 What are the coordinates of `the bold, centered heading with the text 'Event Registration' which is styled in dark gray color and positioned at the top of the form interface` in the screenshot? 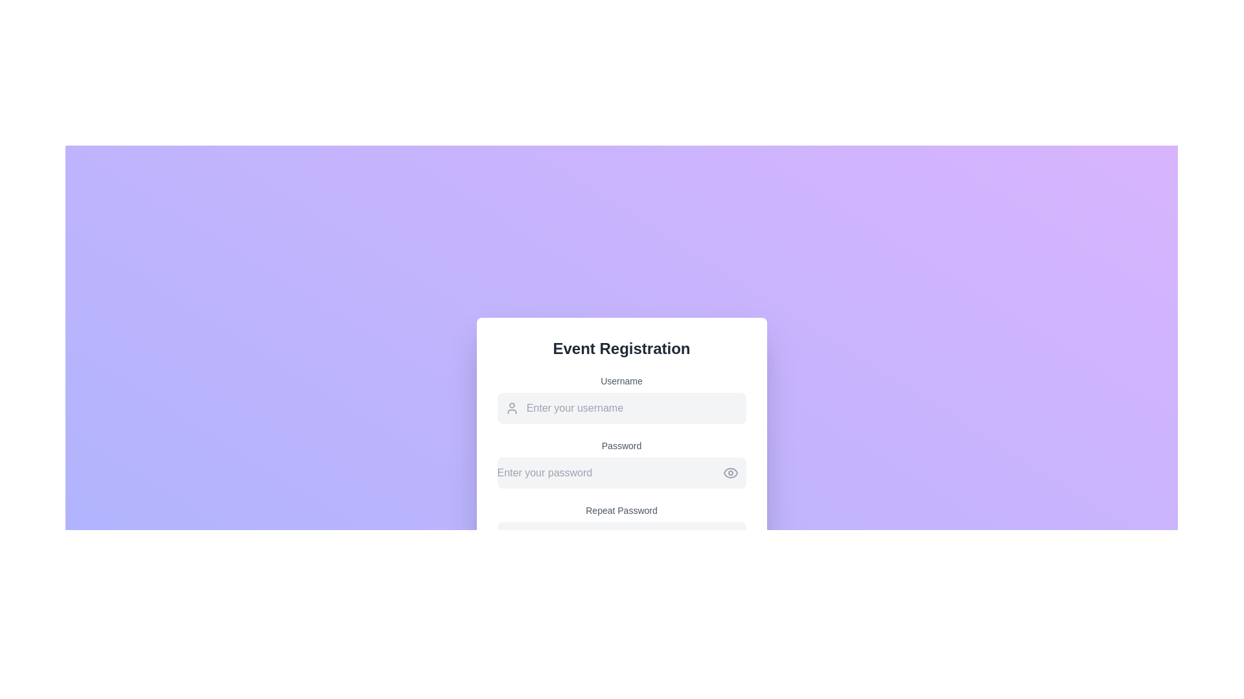 It's located at (621, 348).